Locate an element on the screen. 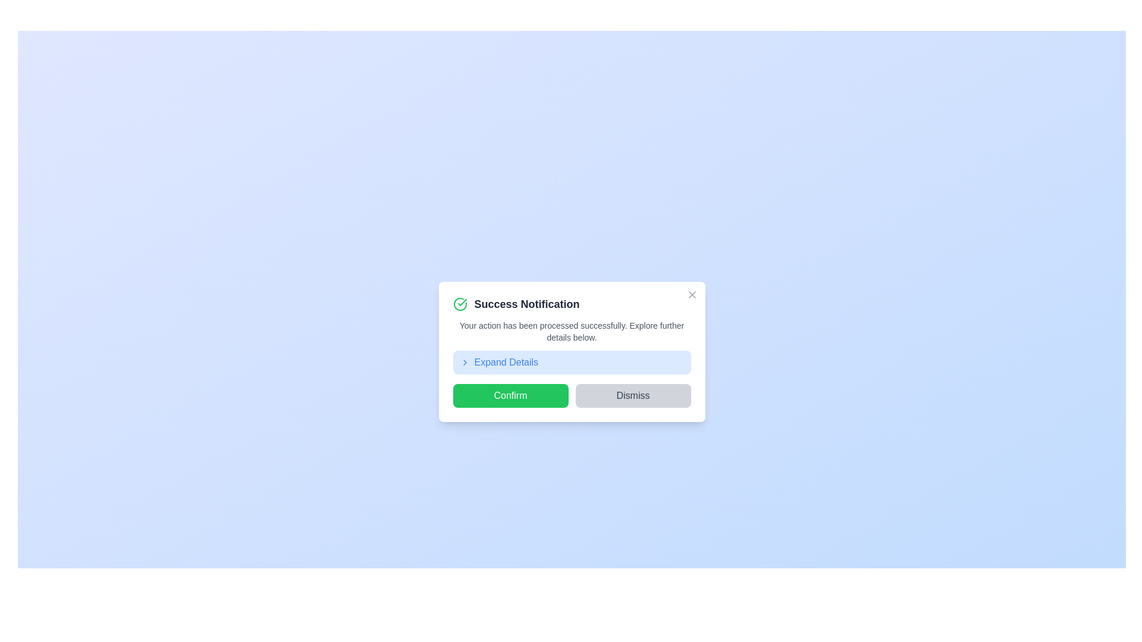 Image resolution: width=1142 pixels, height=642 pixels. 'Dismiss' button to close the notification is located at coordinates (632, 396).